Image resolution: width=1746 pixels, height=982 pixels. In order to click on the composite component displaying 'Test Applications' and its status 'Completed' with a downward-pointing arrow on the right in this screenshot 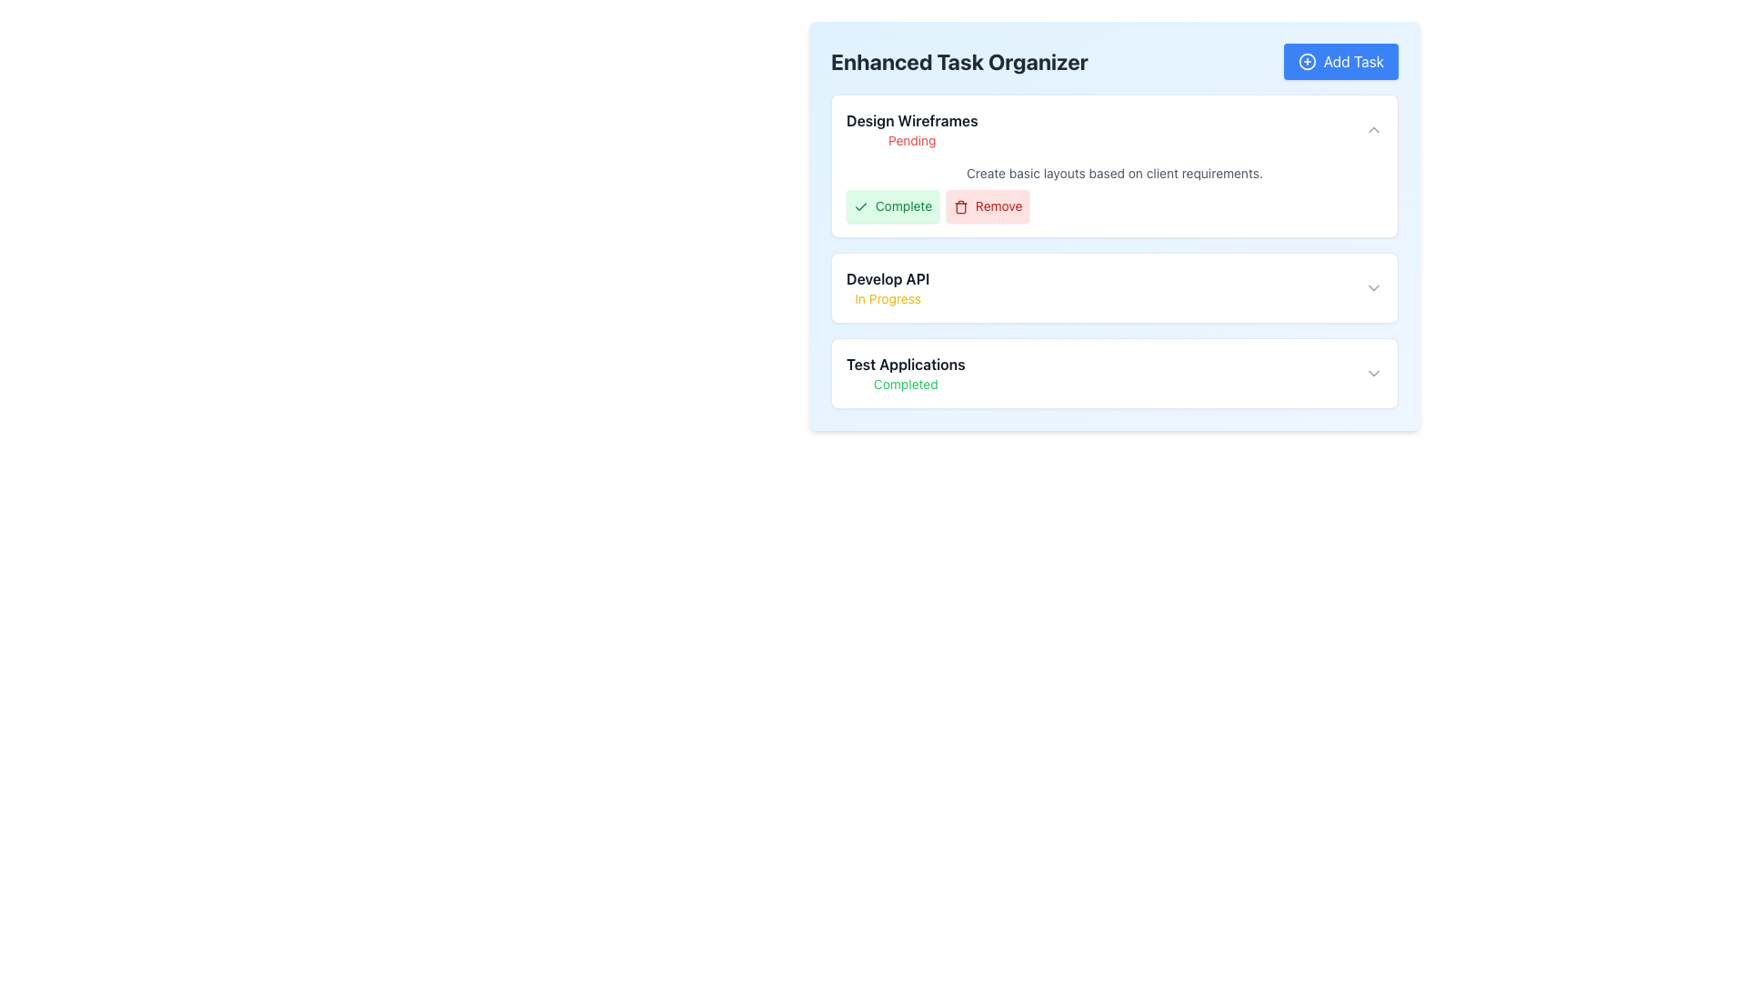, I will do `click(1113, 373)`.